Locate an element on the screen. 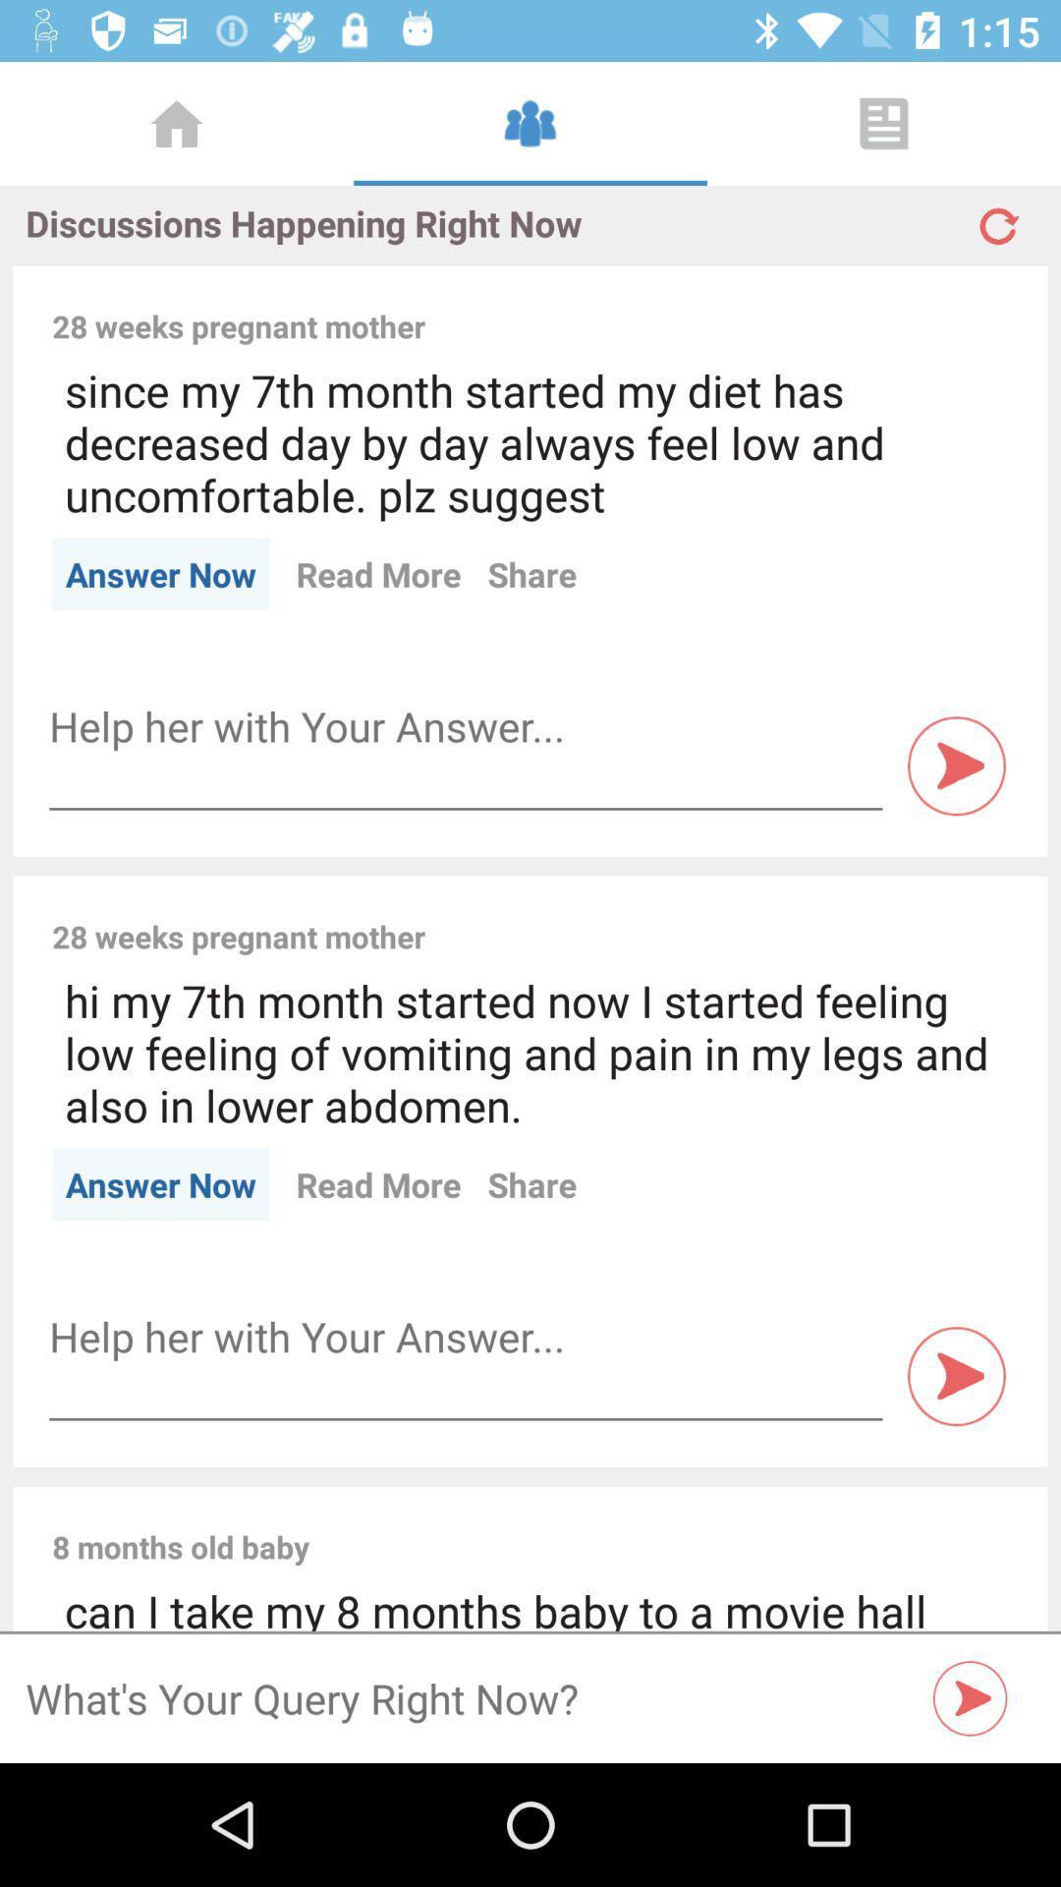  wirte your help answer is located at coordinates (466, 1337).